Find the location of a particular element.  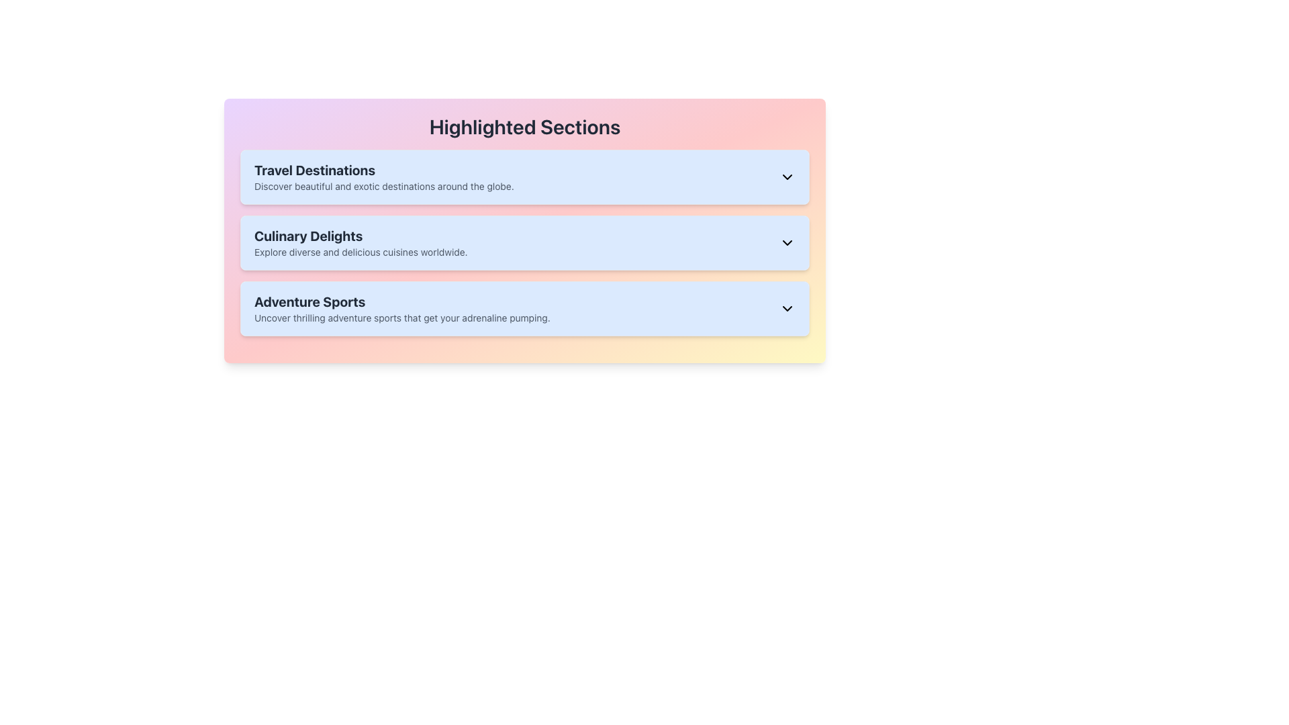

the 'Culinary Delights' section with a light blue background is located at coordinates (524, 243).